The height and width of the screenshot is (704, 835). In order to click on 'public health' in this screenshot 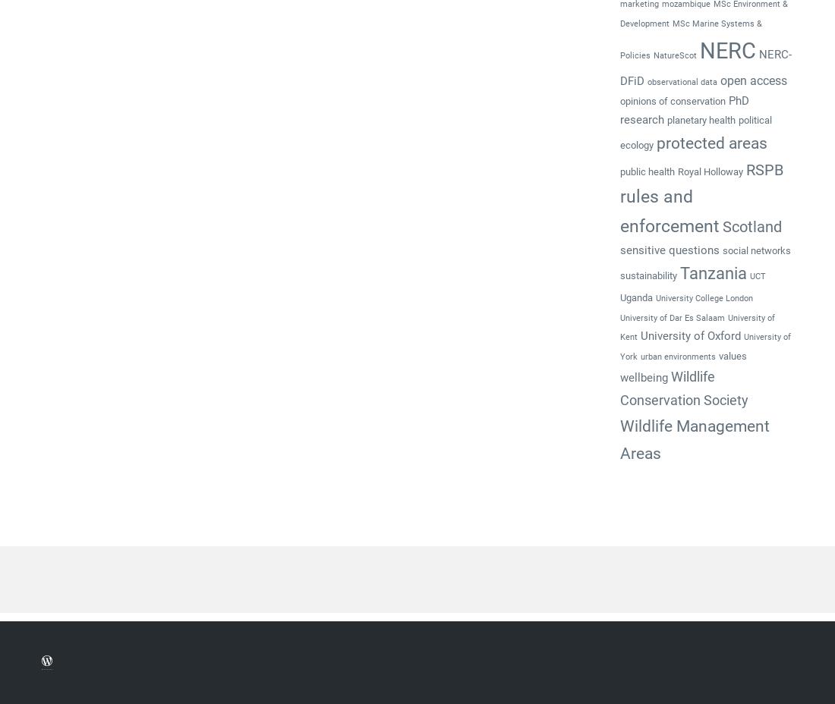, I will do `click(647, 171)`.